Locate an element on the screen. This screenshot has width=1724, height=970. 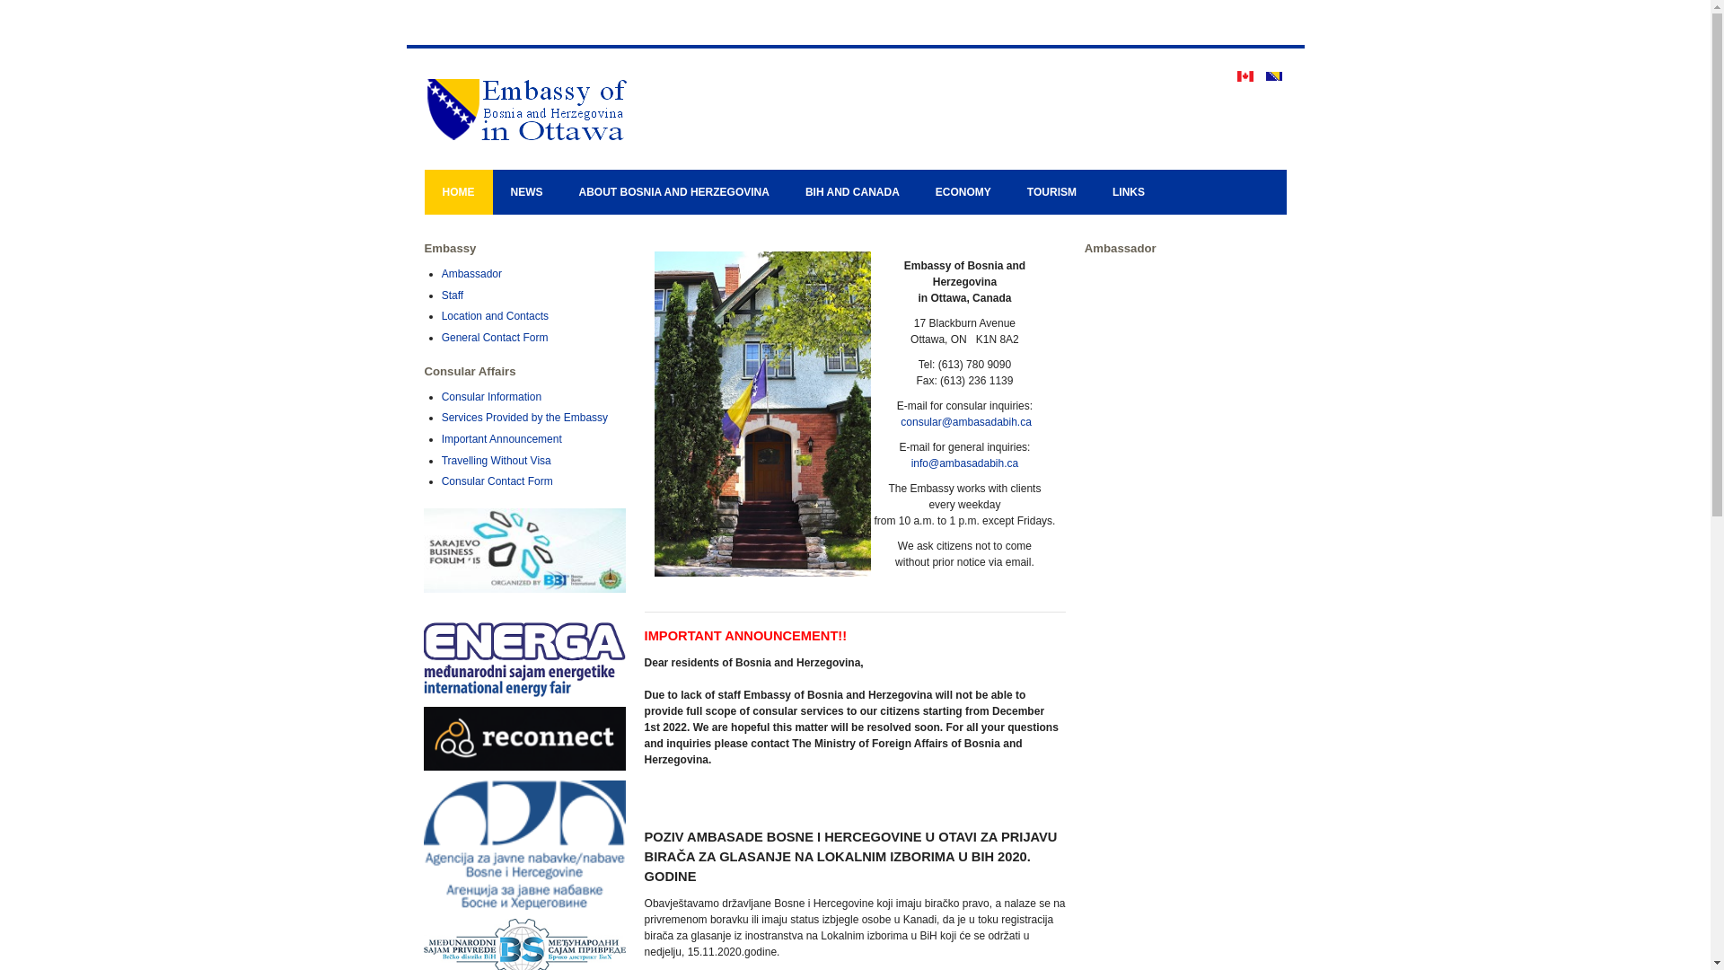
'Staff' is located at coordinates (453, 294).